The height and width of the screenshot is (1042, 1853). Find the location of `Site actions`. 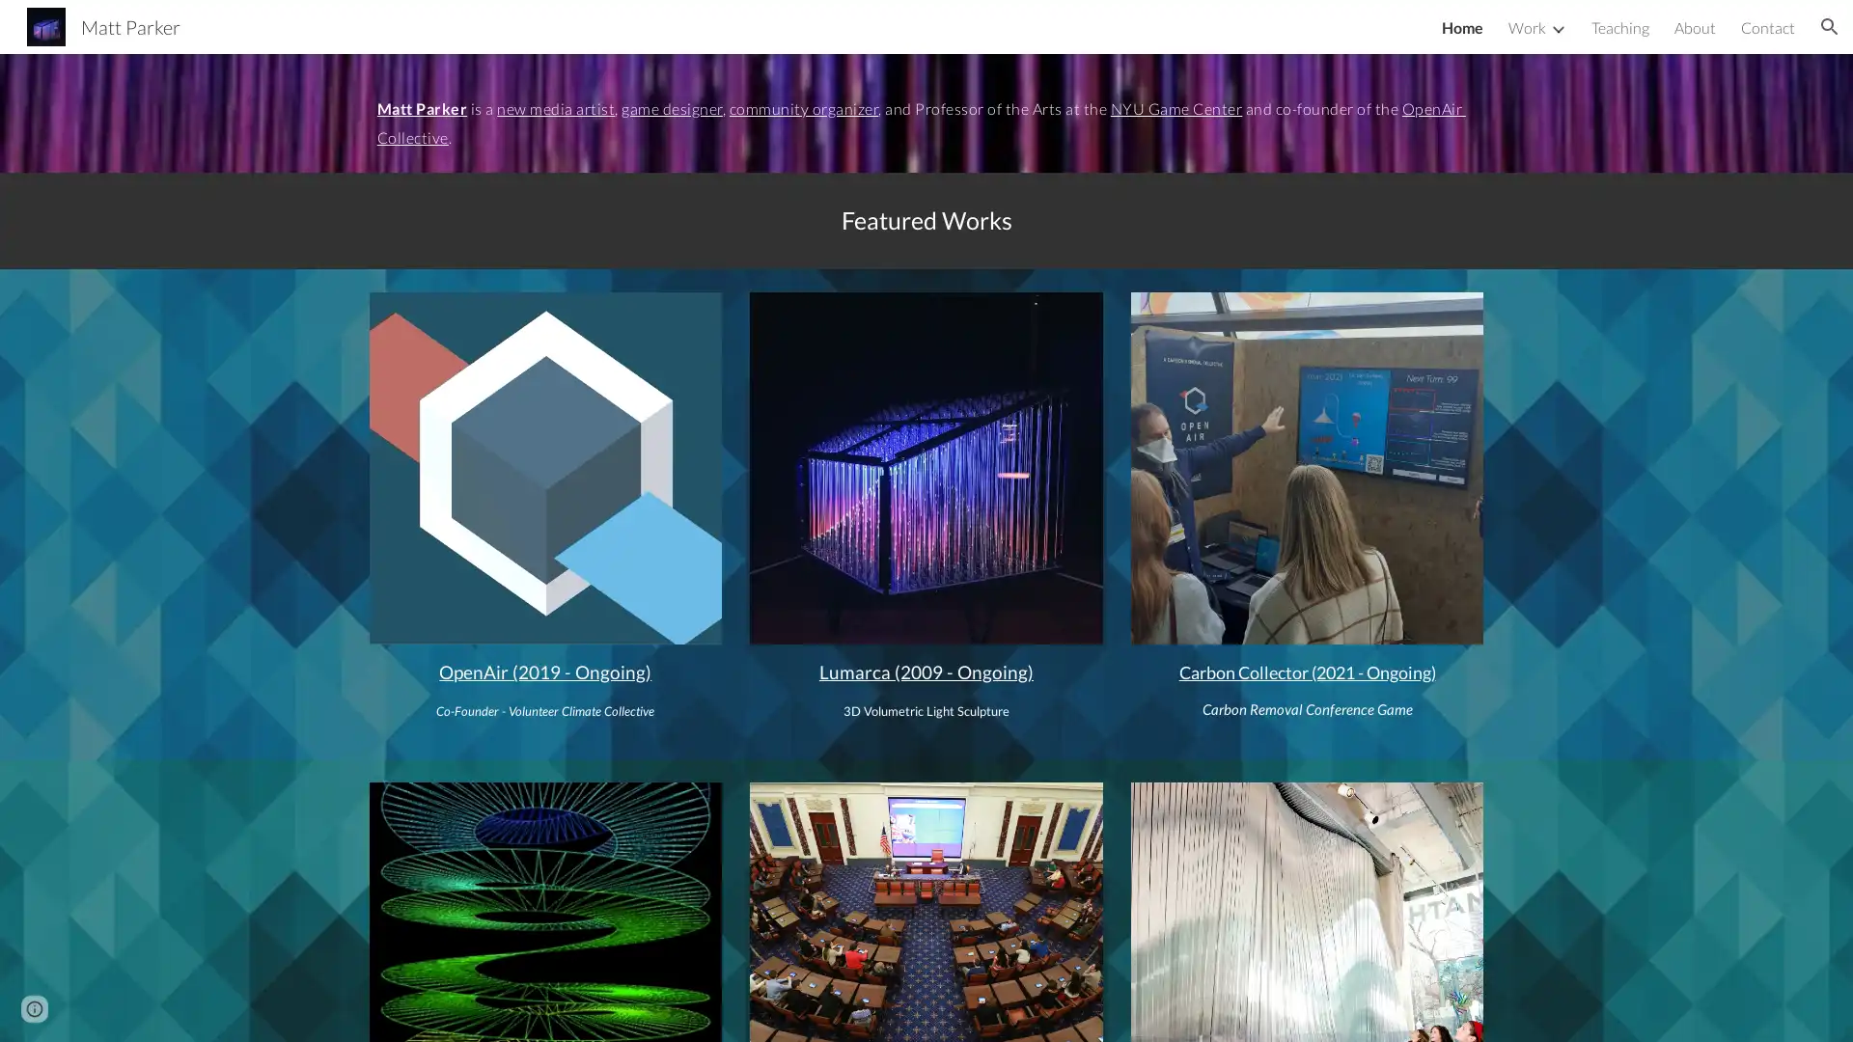

Site actions is located at coordinates (34, 1007).